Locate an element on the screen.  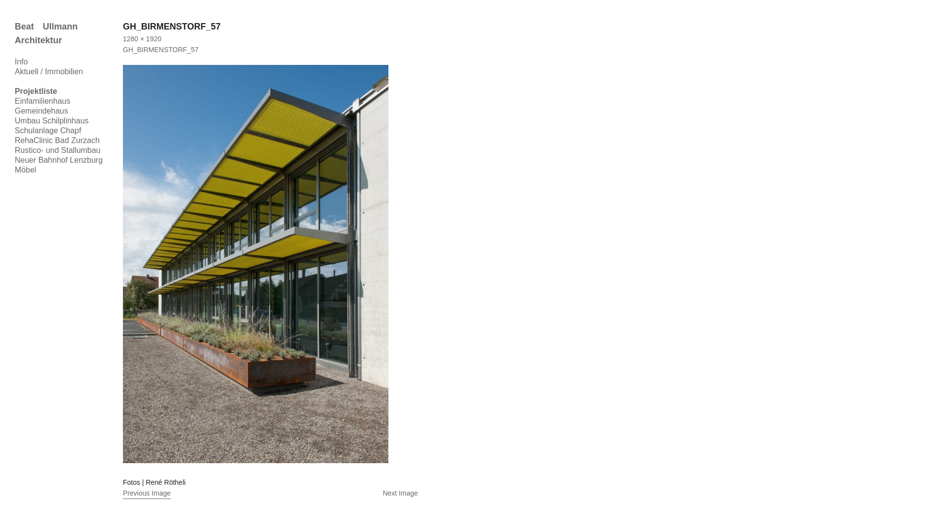
'RehaClinic Bad Zurzach' is located at coordinates (57, 140).